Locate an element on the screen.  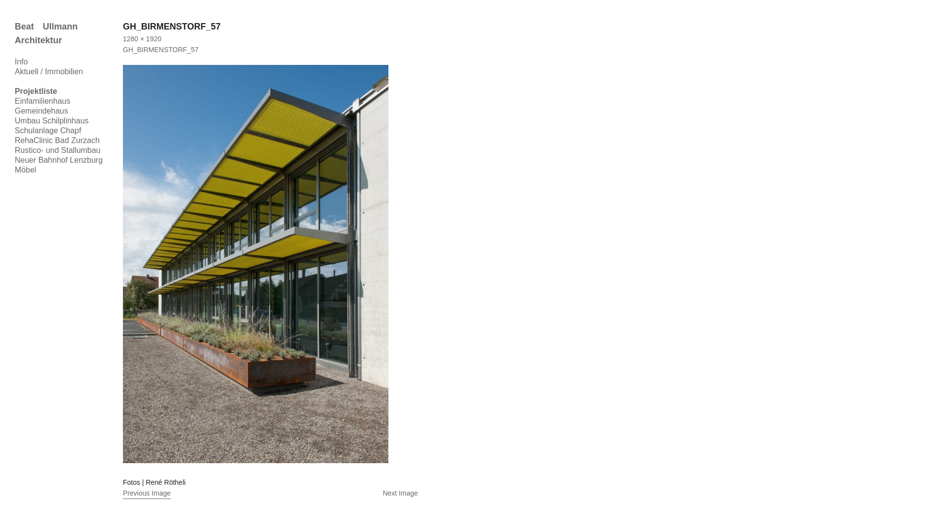
'RehaClinic Bad Zurzach' is located at coordinates (57, 140).